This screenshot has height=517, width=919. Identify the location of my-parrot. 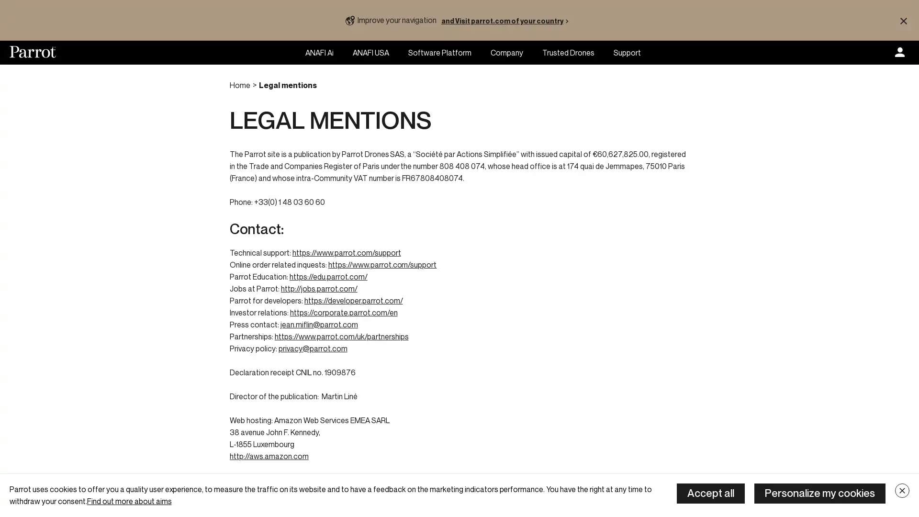
(899, 53).